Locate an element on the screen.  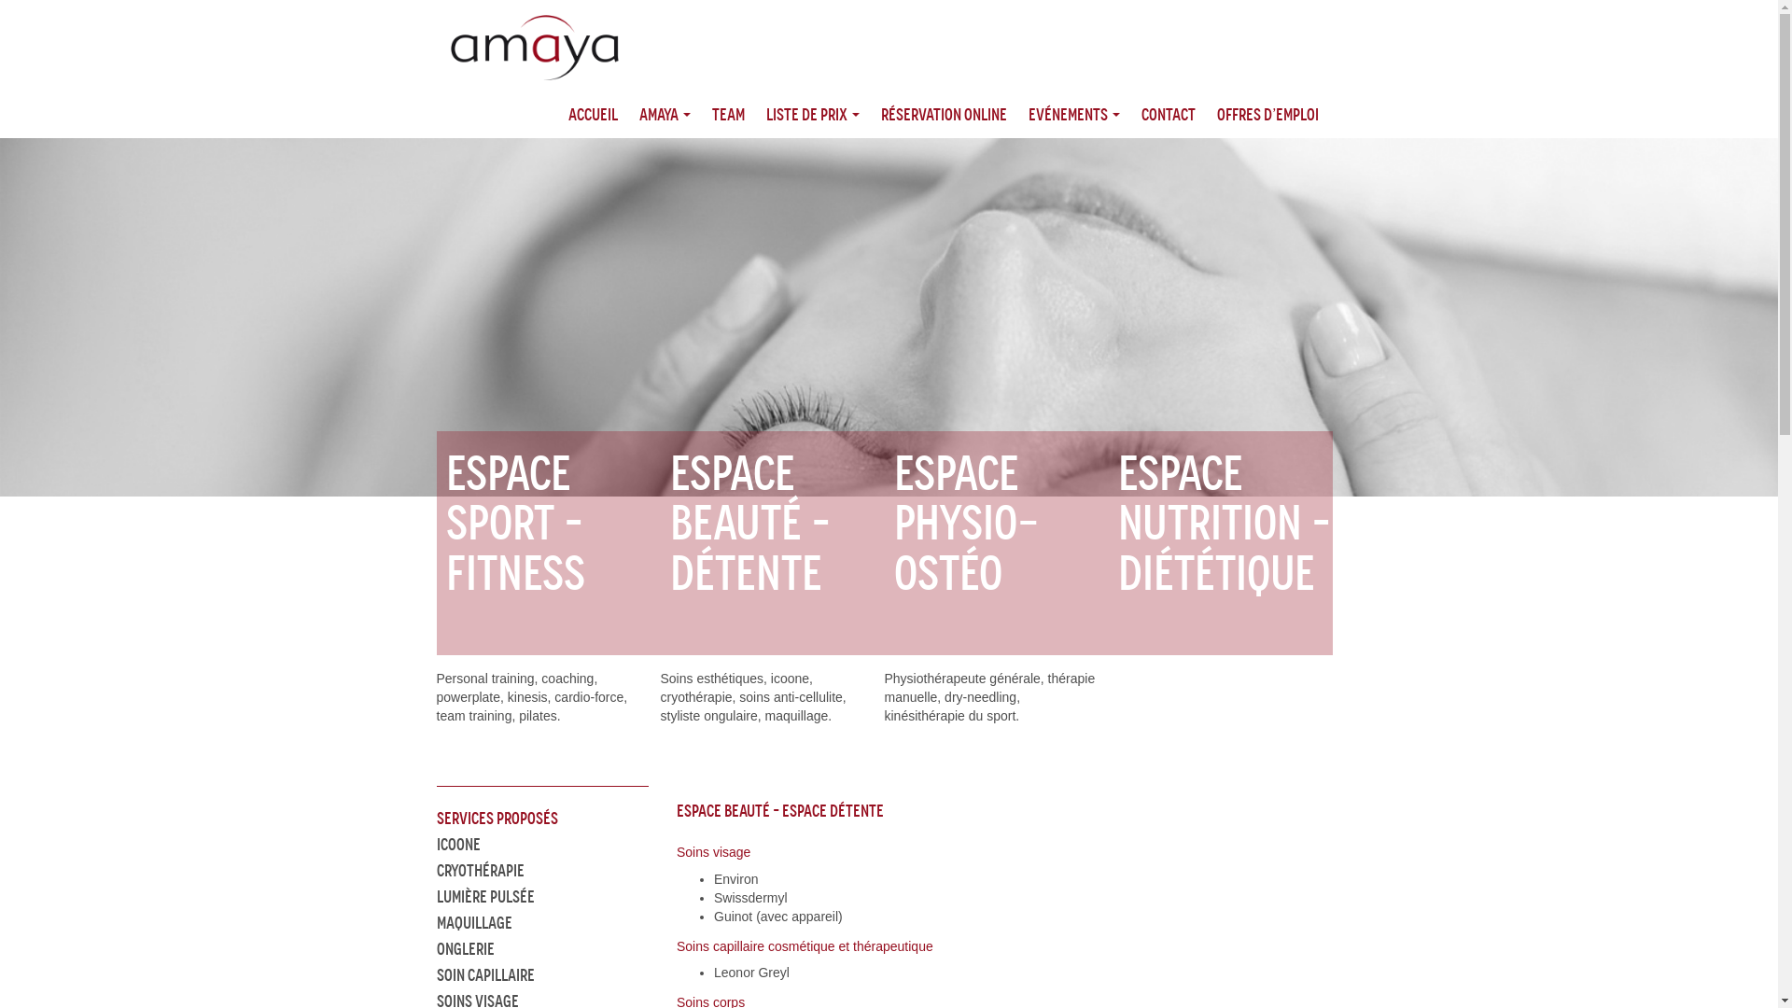
'ACCUEIL' is located at coordinates (591, 115).